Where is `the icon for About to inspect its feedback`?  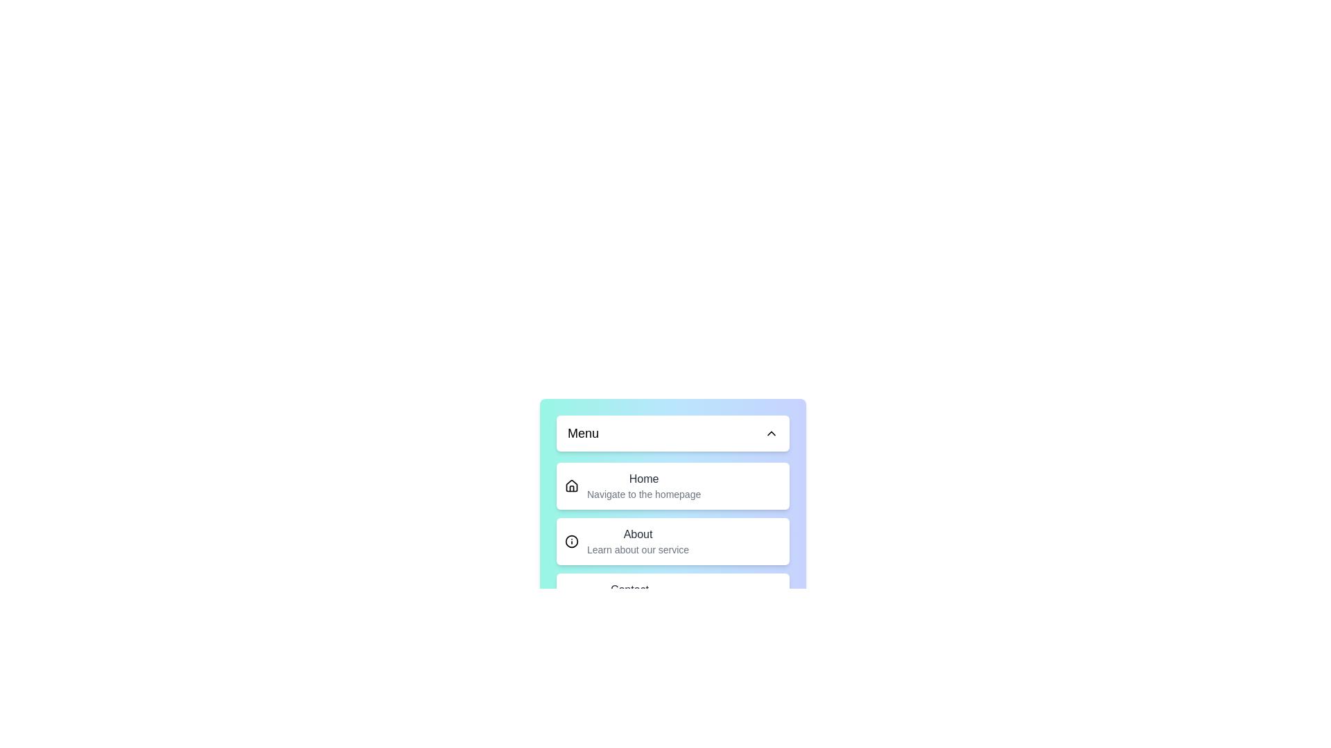 the icon for About to inspect its feedback is located at coordinates (572, 541).